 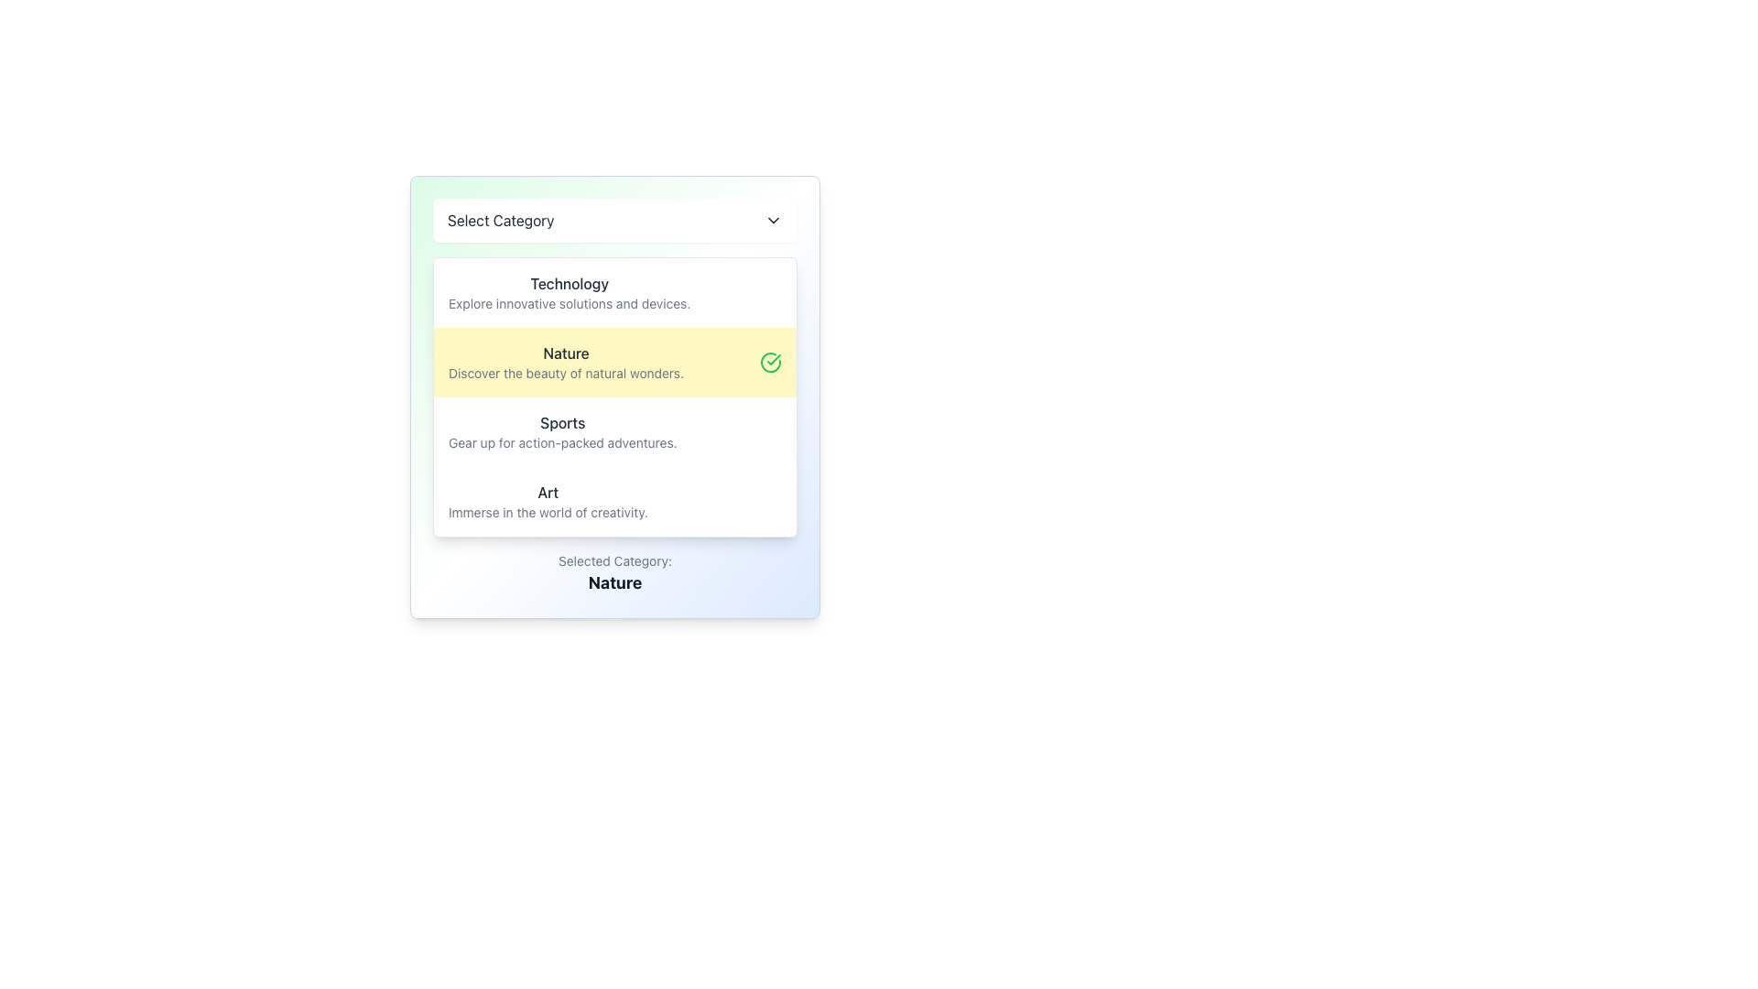 What do you see at coordinates (773, 219) in the screenshot?
I see `the chevron icon located on the far right side of the 'Select Category' button` at bounding box center [773, 219].